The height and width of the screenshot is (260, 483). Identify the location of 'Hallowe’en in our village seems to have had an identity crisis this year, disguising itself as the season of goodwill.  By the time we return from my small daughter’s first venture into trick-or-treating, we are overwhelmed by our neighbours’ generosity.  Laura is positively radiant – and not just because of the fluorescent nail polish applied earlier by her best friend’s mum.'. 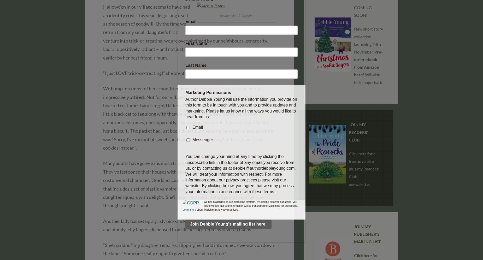
(103, 32).